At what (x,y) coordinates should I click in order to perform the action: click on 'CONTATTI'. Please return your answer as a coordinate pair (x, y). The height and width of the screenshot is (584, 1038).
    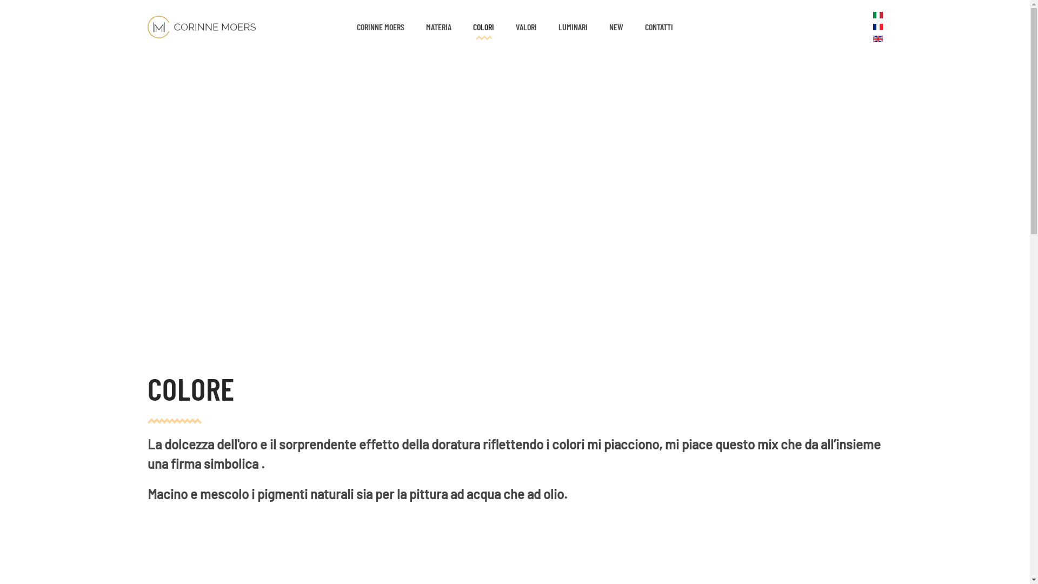
    Looking at the image, I should click on (658, 26).